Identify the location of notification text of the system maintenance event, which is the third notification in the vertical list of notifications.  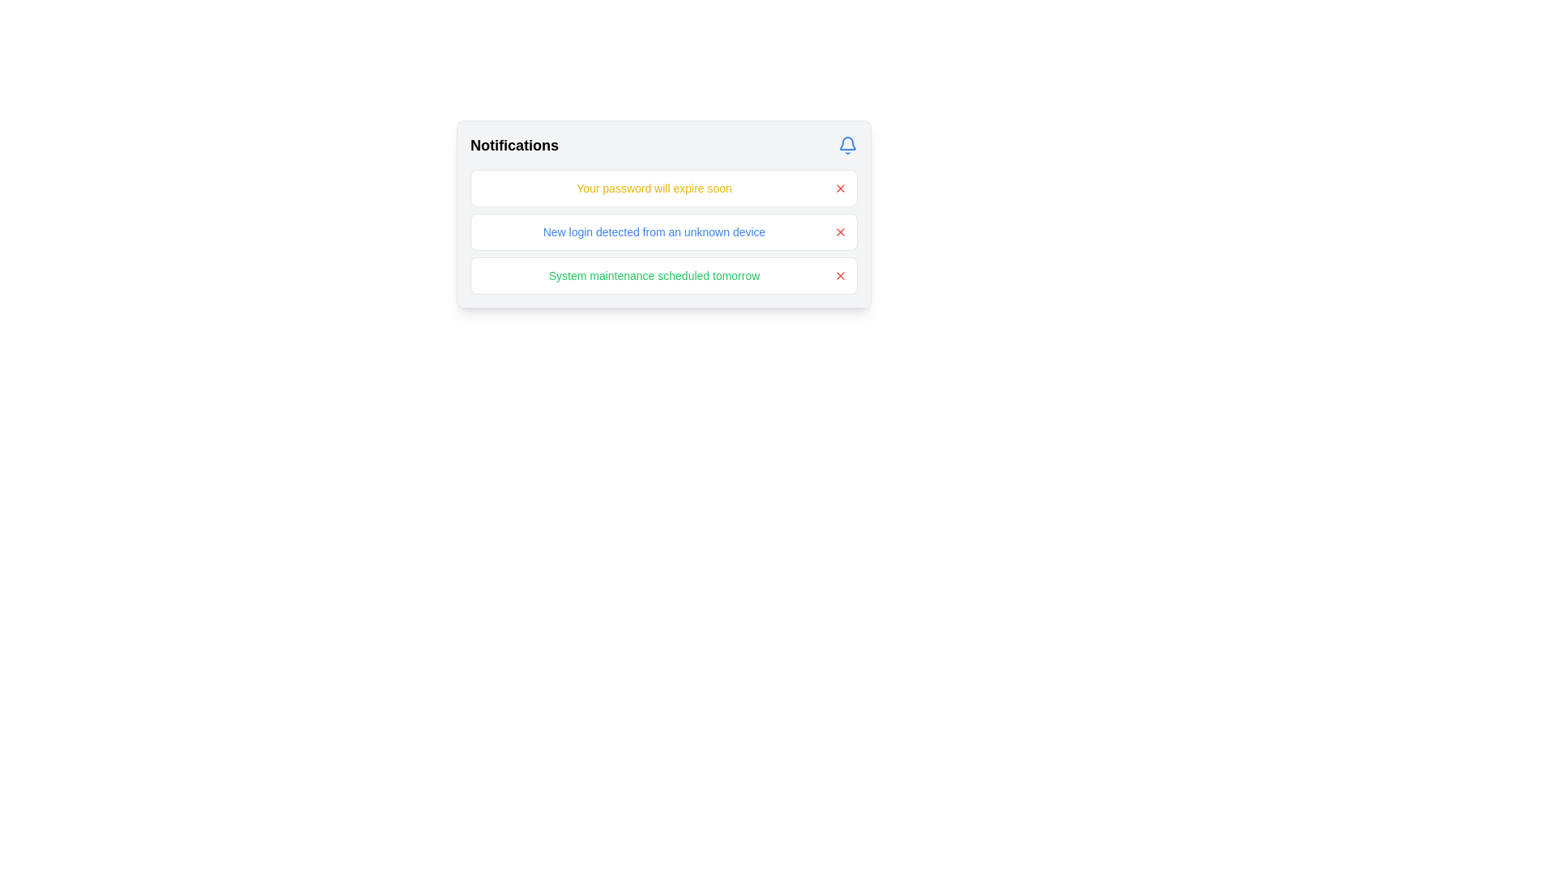
(664, 274).